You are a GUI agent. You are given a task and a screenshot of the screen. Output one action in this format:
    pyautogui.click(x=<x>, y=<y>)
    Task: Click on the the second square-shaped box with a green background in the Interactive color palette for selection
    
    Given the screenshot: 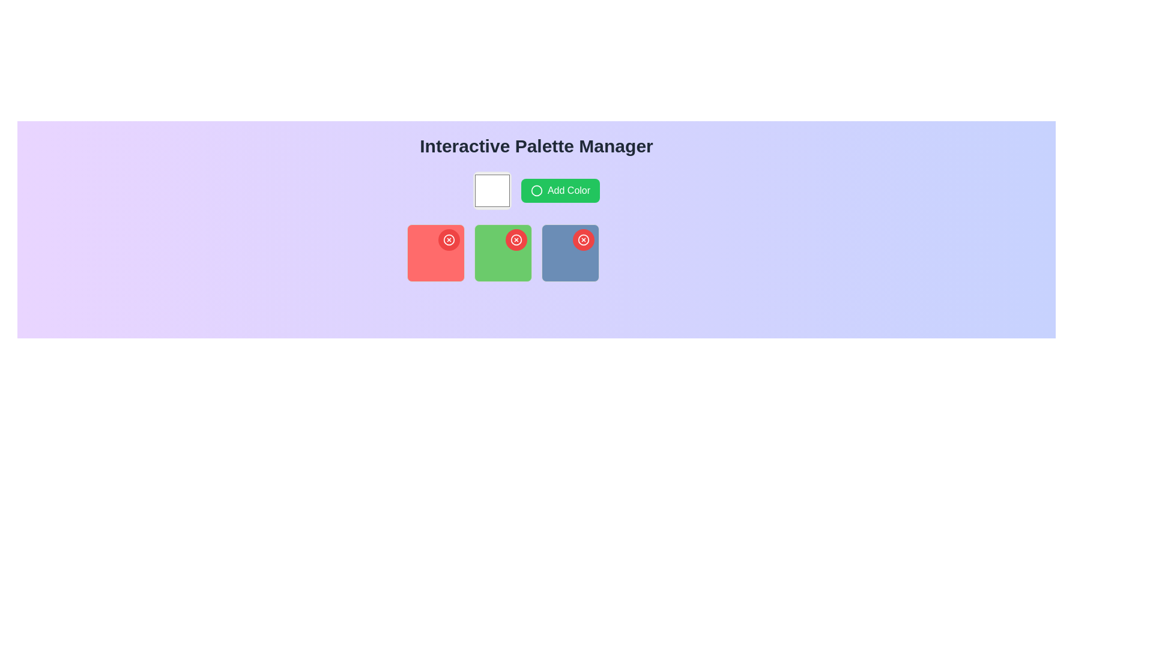 What is the action you would take?
    pyautogui.click(x=503, y=252)
    